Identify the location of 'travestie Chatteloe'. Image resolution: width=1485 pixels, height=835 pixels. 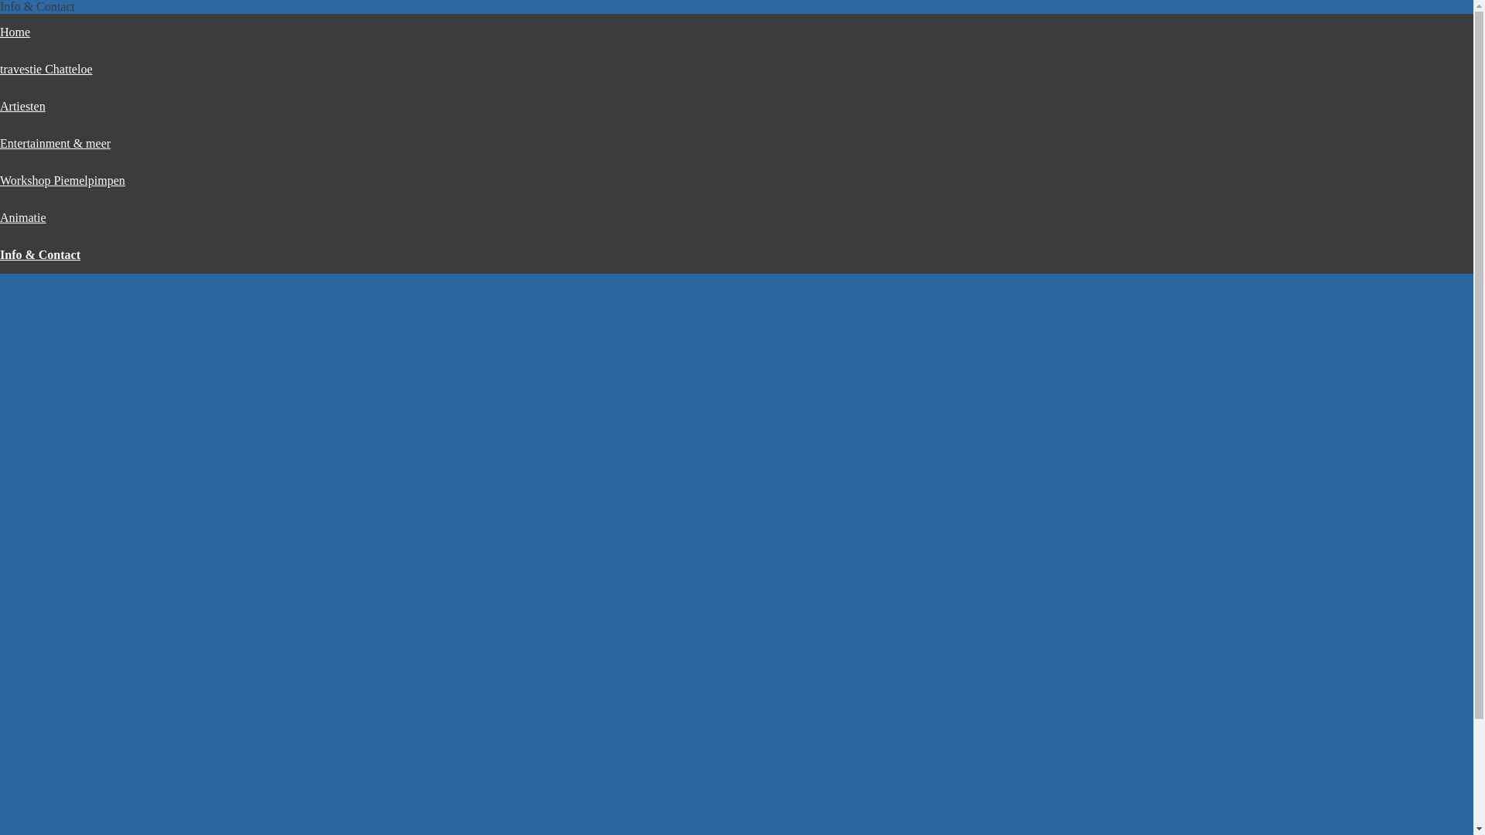
(46, 68).